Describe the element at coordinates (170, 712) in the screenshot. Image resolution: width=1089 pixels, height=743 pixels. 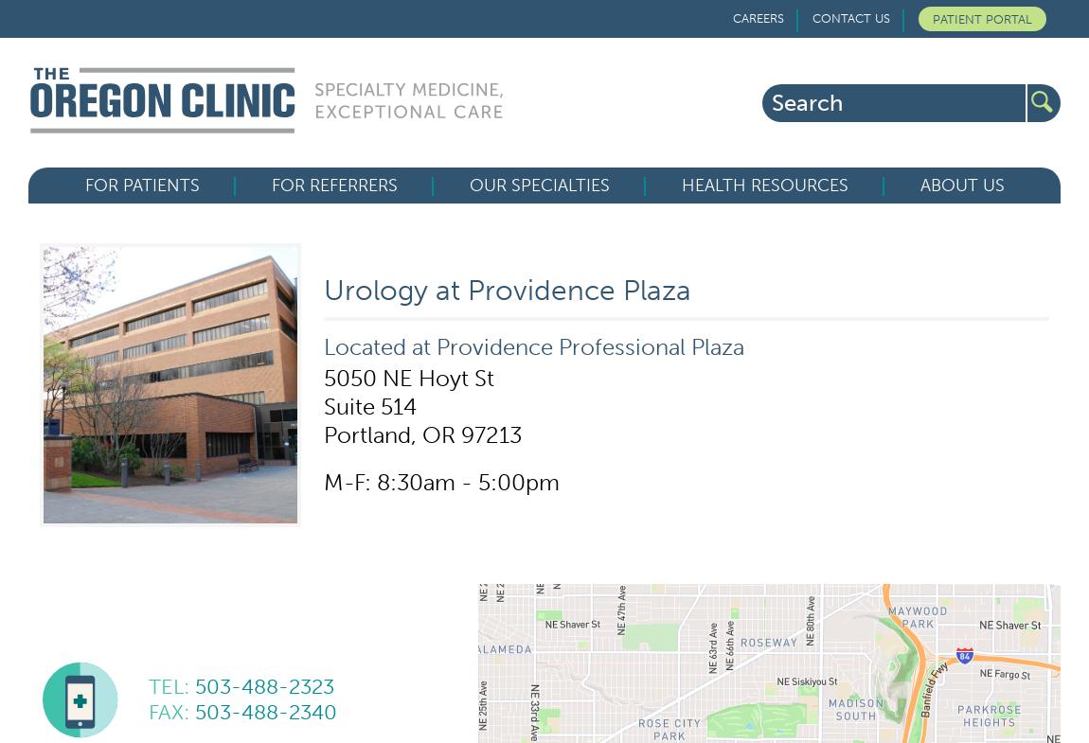
I see `'FAX:'` at that location.